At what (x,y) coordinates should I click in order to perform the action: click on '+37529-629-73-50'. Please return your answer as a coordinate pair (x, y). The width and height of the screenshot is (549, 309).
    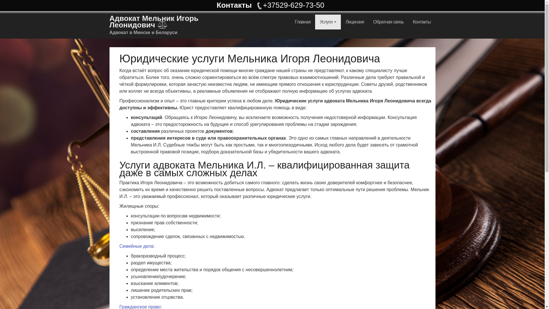
    Looking at the image, I should click on (290, 5).